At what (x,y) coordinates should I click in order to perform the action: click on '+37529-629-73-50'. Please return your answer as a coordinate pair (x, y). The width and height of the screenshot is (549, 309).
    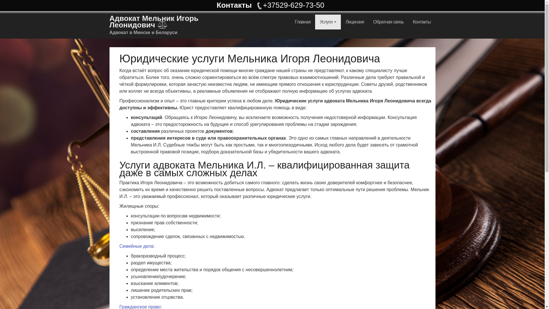
    Looking at the image, I should click on (290, 5).